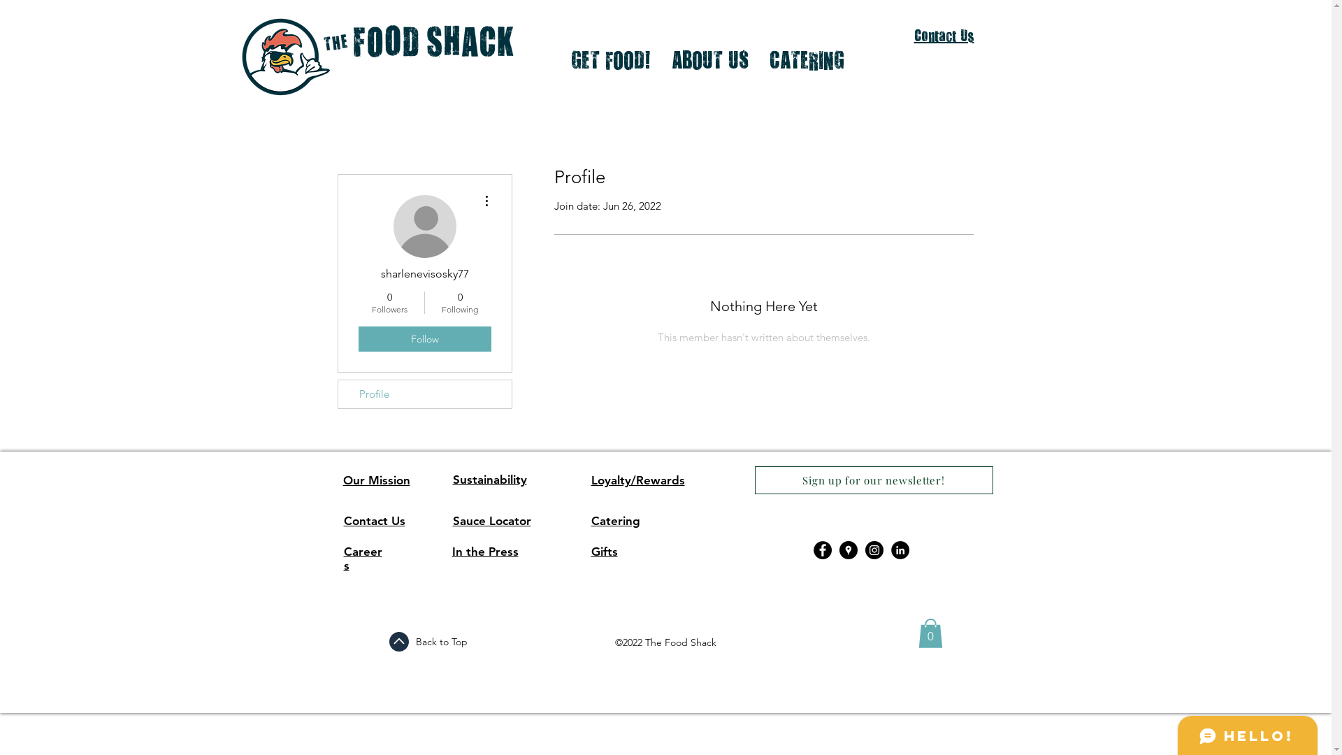  Describe the element at coordinates (930, 633) in the screenshot. I see `'0'` at that location.